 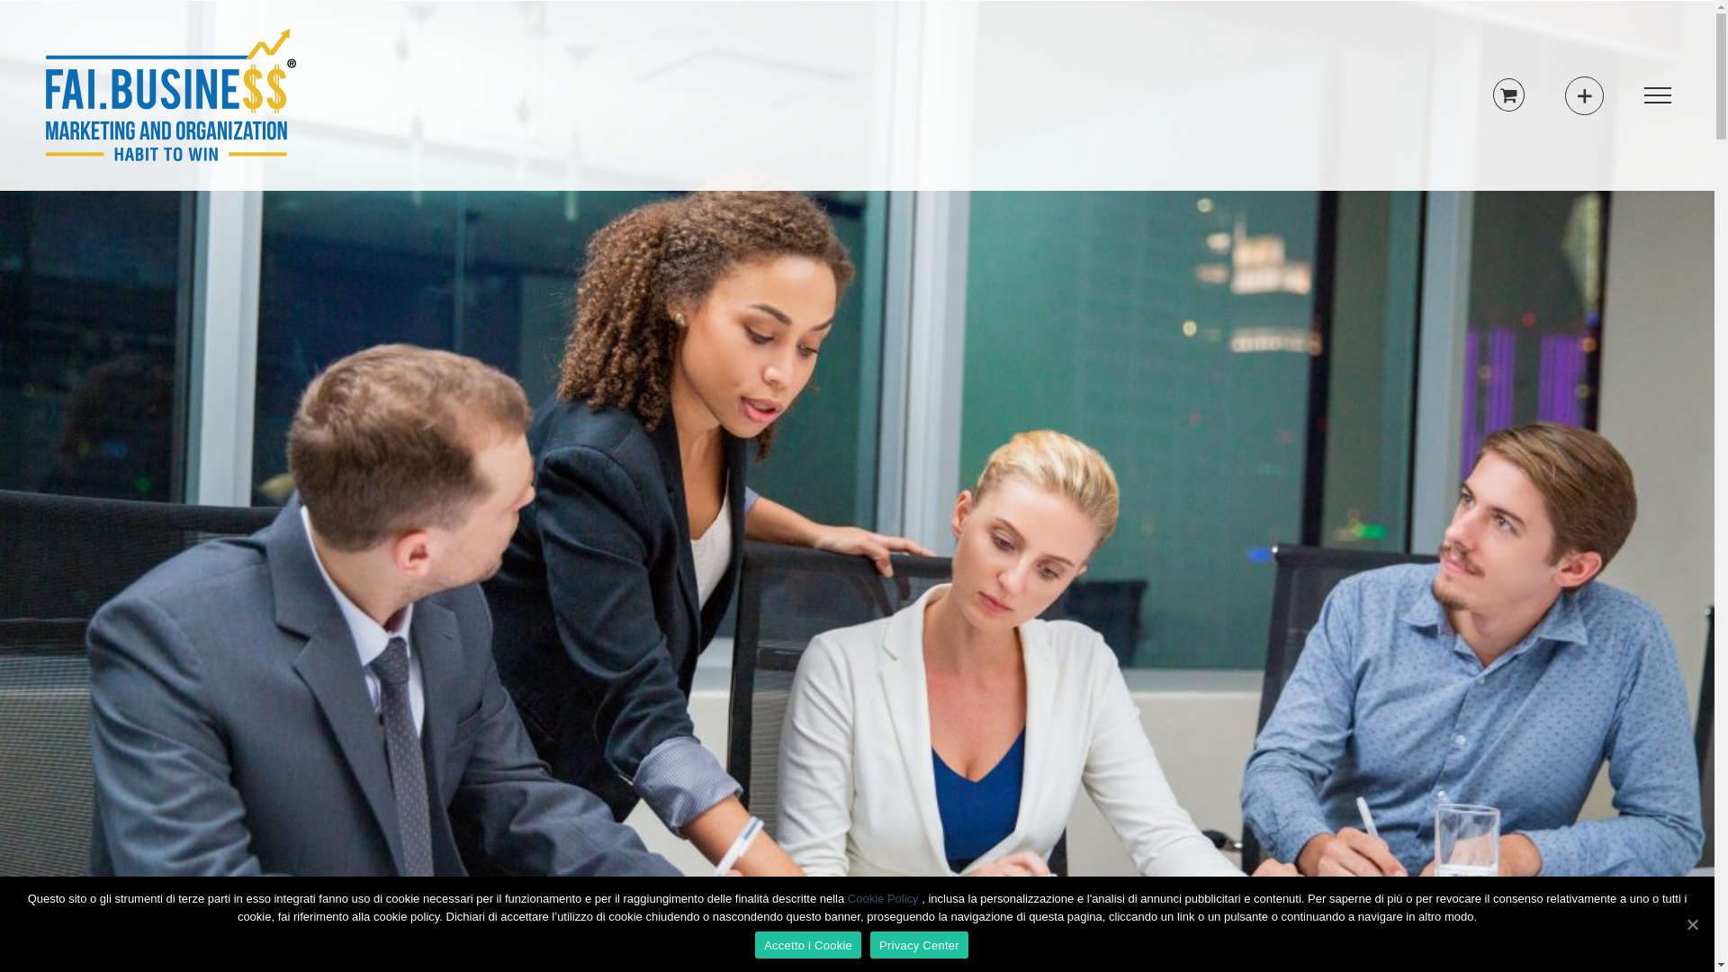 I want to click on 'Accetto i Cookie', so click(x=806, y=943).